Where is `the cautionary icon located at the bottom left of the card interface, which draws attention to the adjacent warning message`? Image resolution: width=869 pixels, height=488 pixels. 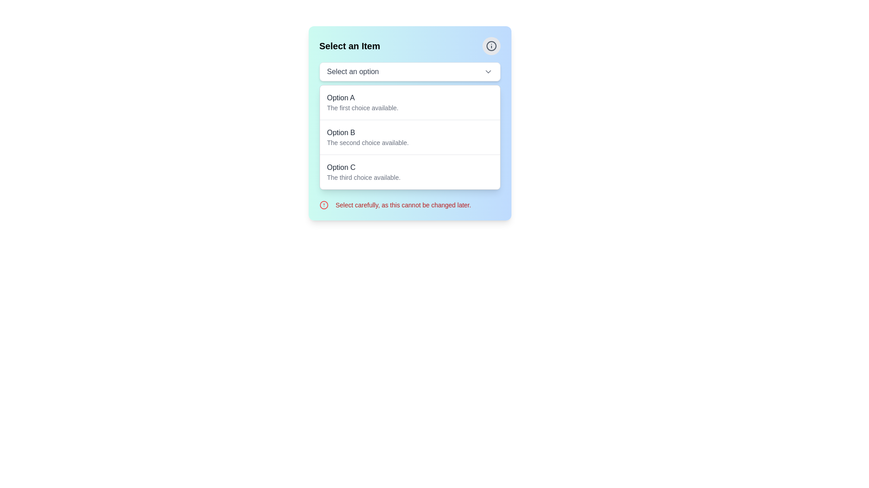
the cautionary icon located at the bottom left of the card interface, which draws attention to the adjacent warning message is located at coordinates (324, 205).